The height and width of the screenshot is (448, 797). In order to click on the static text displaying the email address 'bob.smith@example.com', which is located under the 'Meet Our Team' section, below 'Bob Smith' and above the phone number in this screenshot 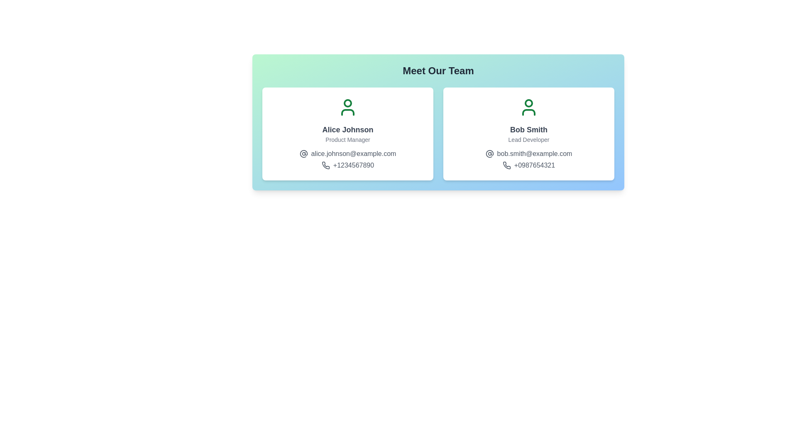, I will do `click(534, 153)`.